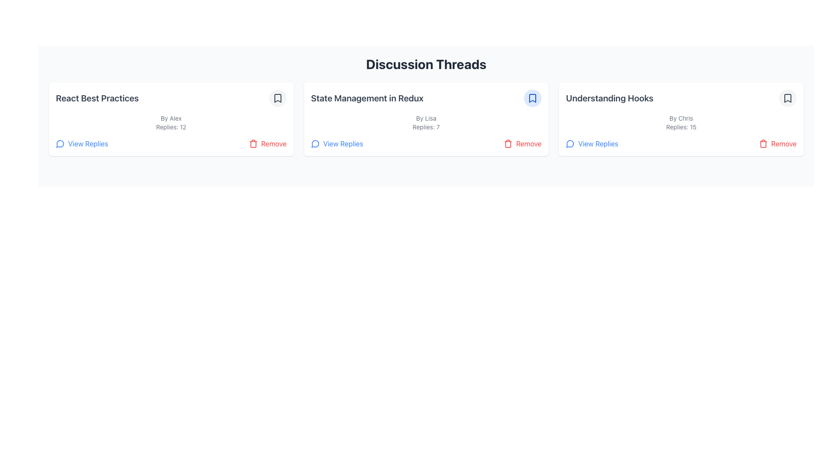 The height and width of the screenshot is (472, 839). Describe the element at coordinates (763, 143) in the screenshot. I see `the delete icon located to the left of the 'Remove' text in the 'Understanding Hooks' discussion card area` at that location.